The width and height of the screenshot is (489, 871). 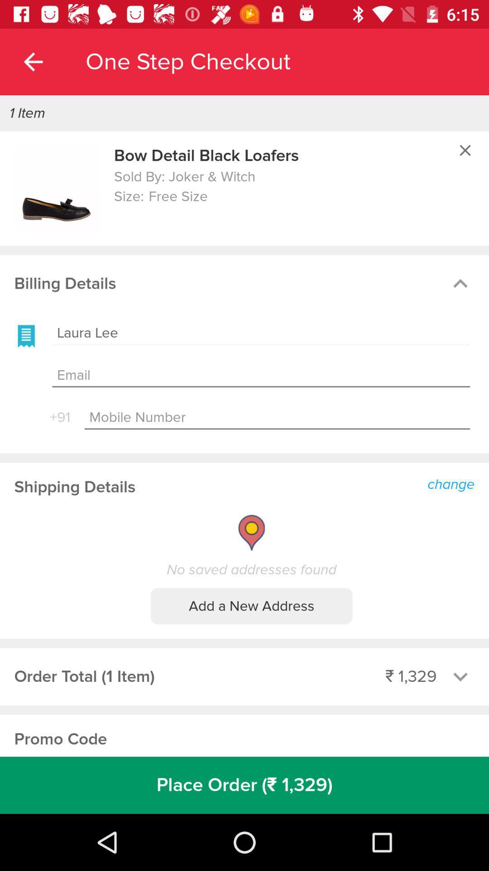 What do you see at coordinates (33, 61) in the screenshot?
I see `item next to the one step checkout icon` at bounding box center [33, 61].